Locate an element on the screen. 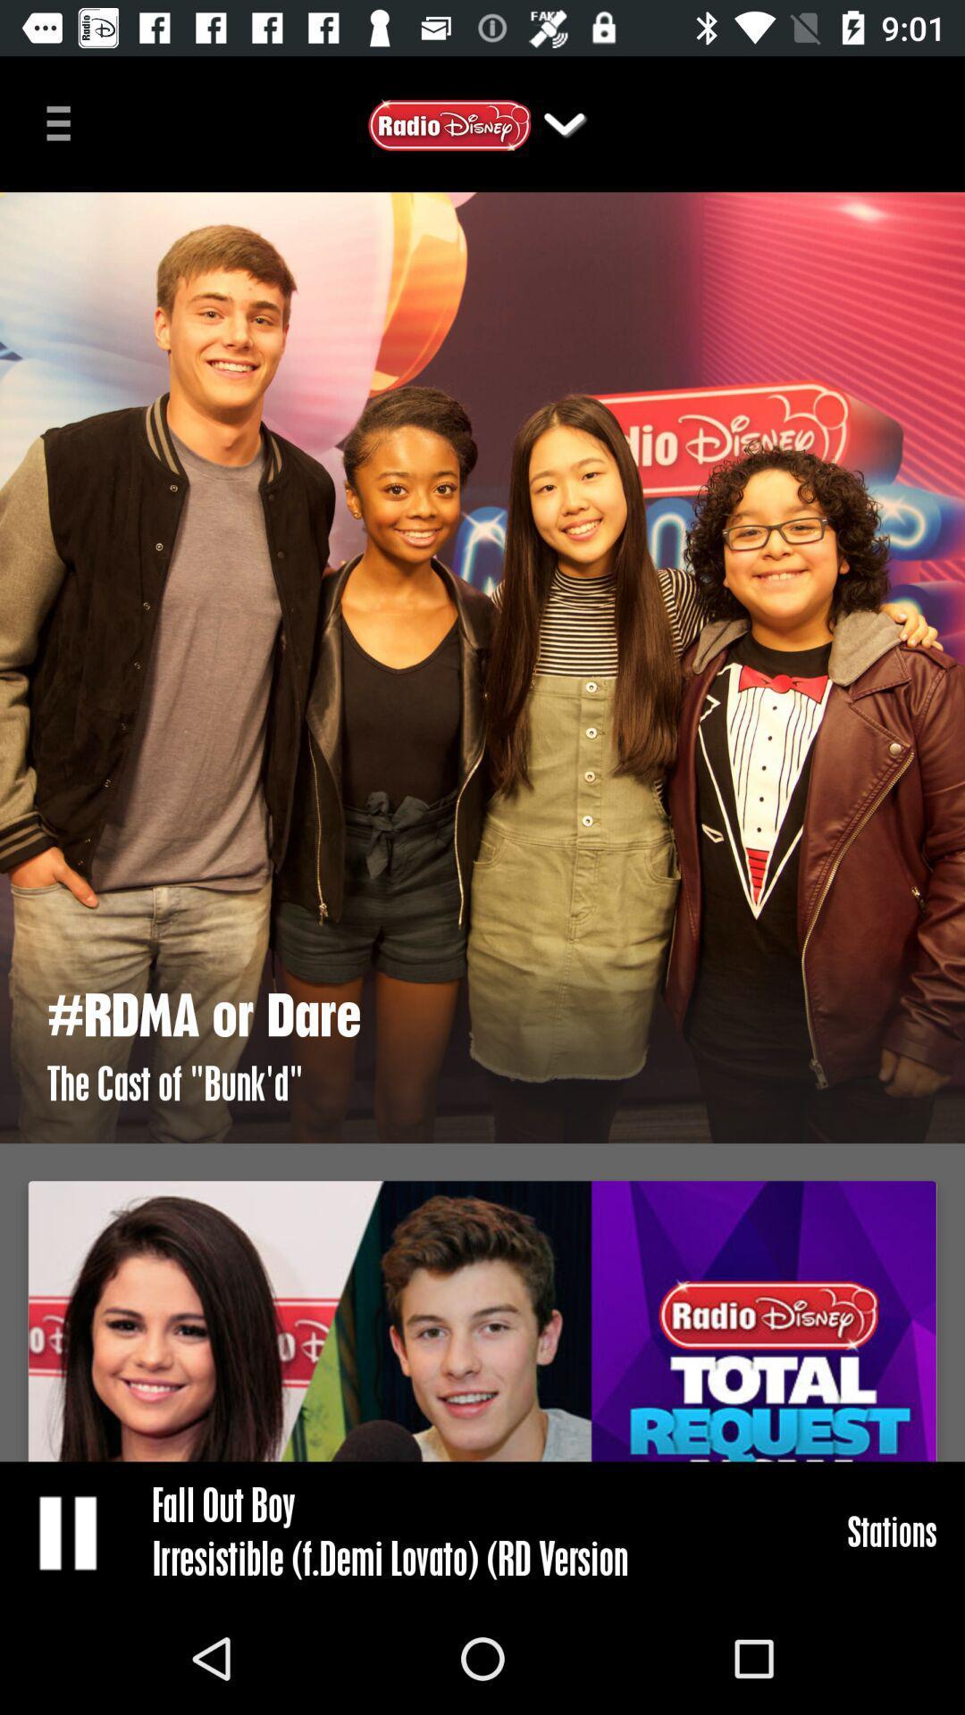 The width and height of the screenshot is (965, 1715). stop playing is located at coordinates (69, 1531).